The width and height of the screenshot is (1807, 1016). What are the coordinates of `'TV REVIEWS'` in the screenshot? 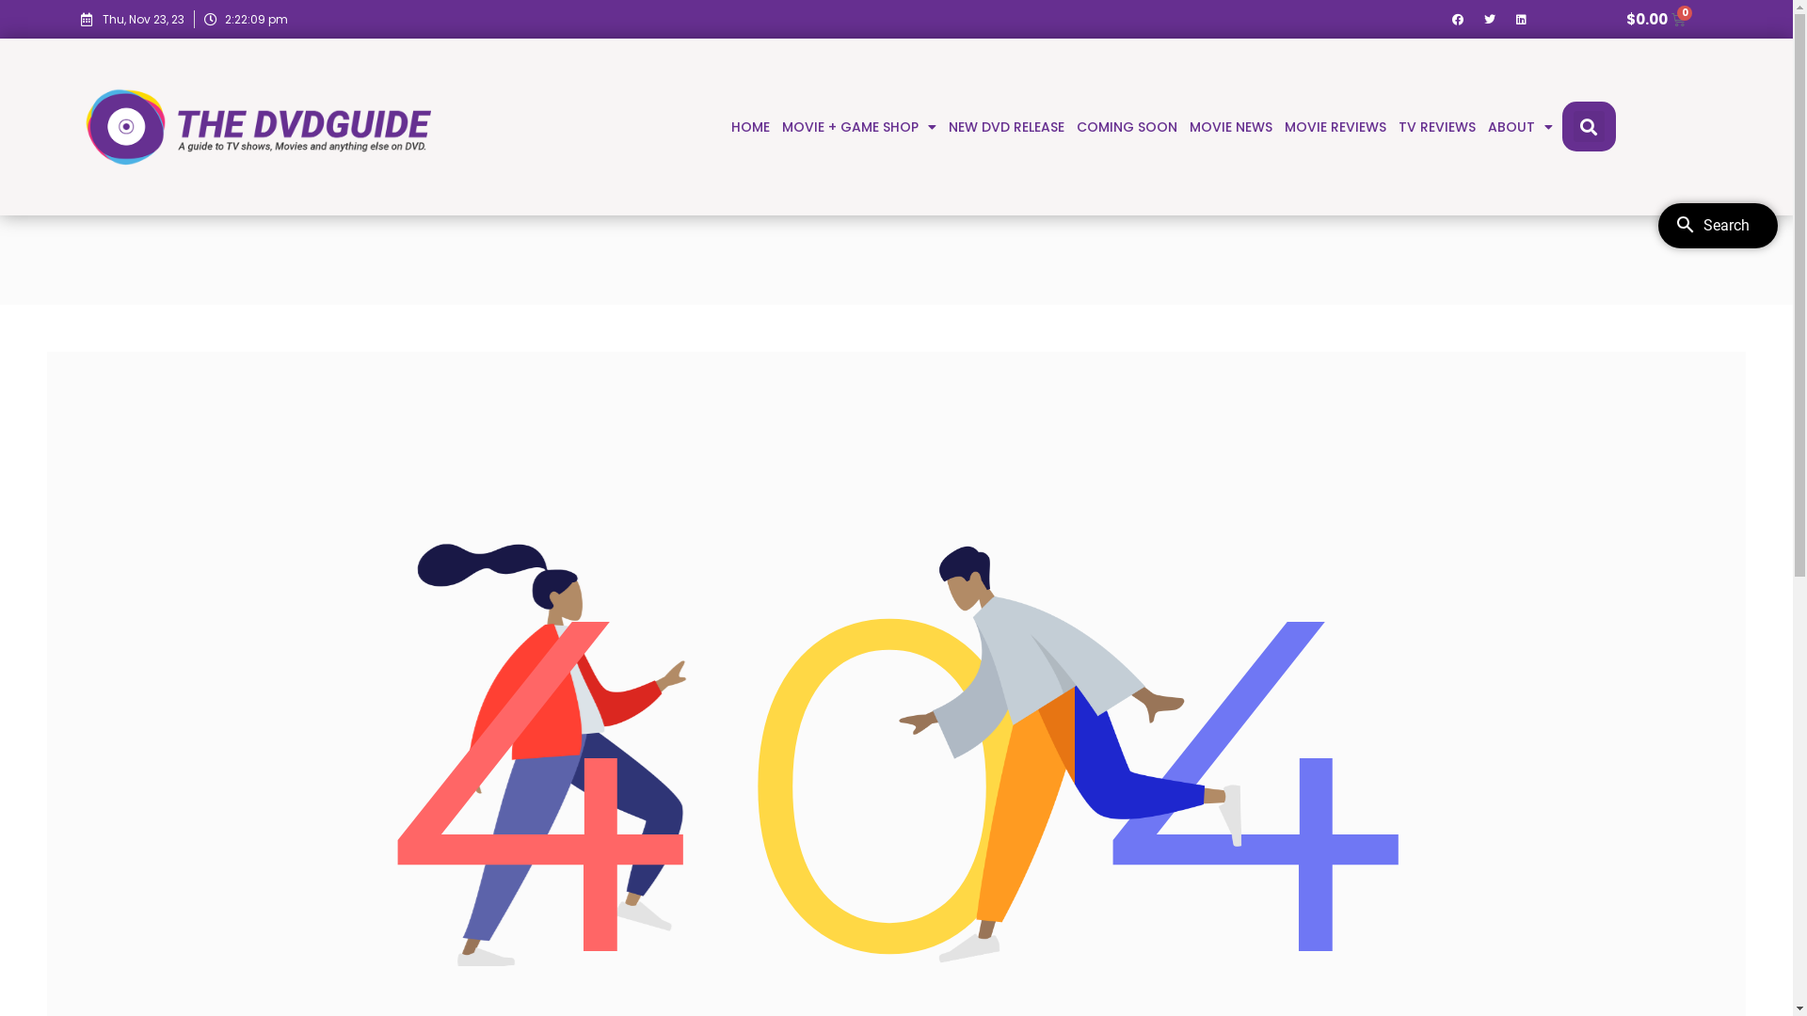 It's located at (1435, 127).